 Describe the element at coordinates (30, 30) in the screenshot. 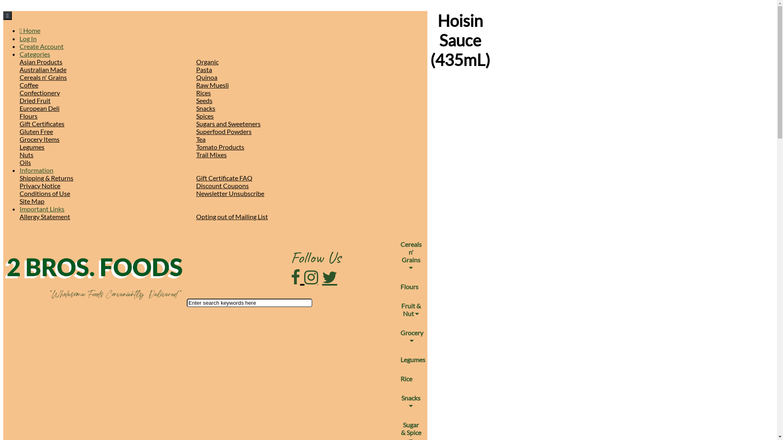

I see `'Home'` at that location.